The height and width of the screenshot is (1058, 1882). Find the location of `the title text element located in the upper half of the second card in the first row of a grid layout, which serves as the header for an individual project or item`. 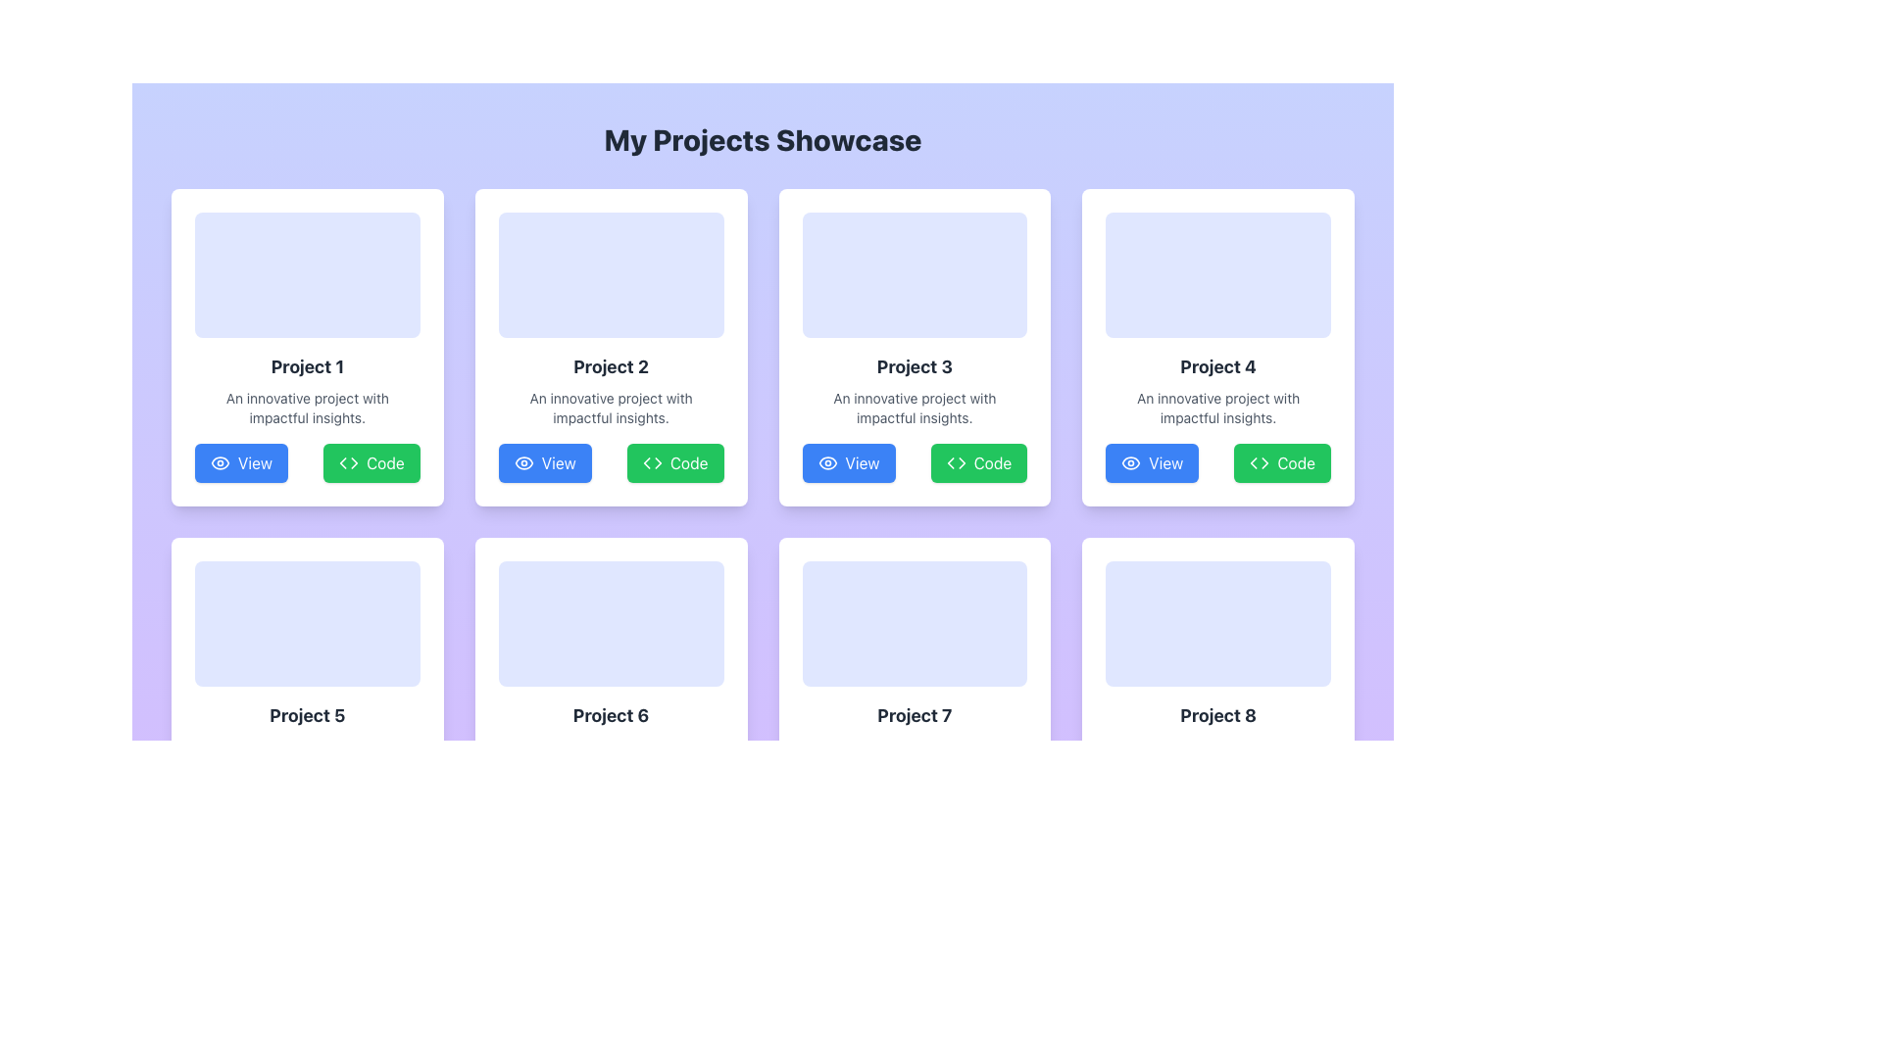

the title text element located in the upper half of the second card in the first row of a grid layout, which serves as the header for an individual project or item is located at coordinates (610, 366).